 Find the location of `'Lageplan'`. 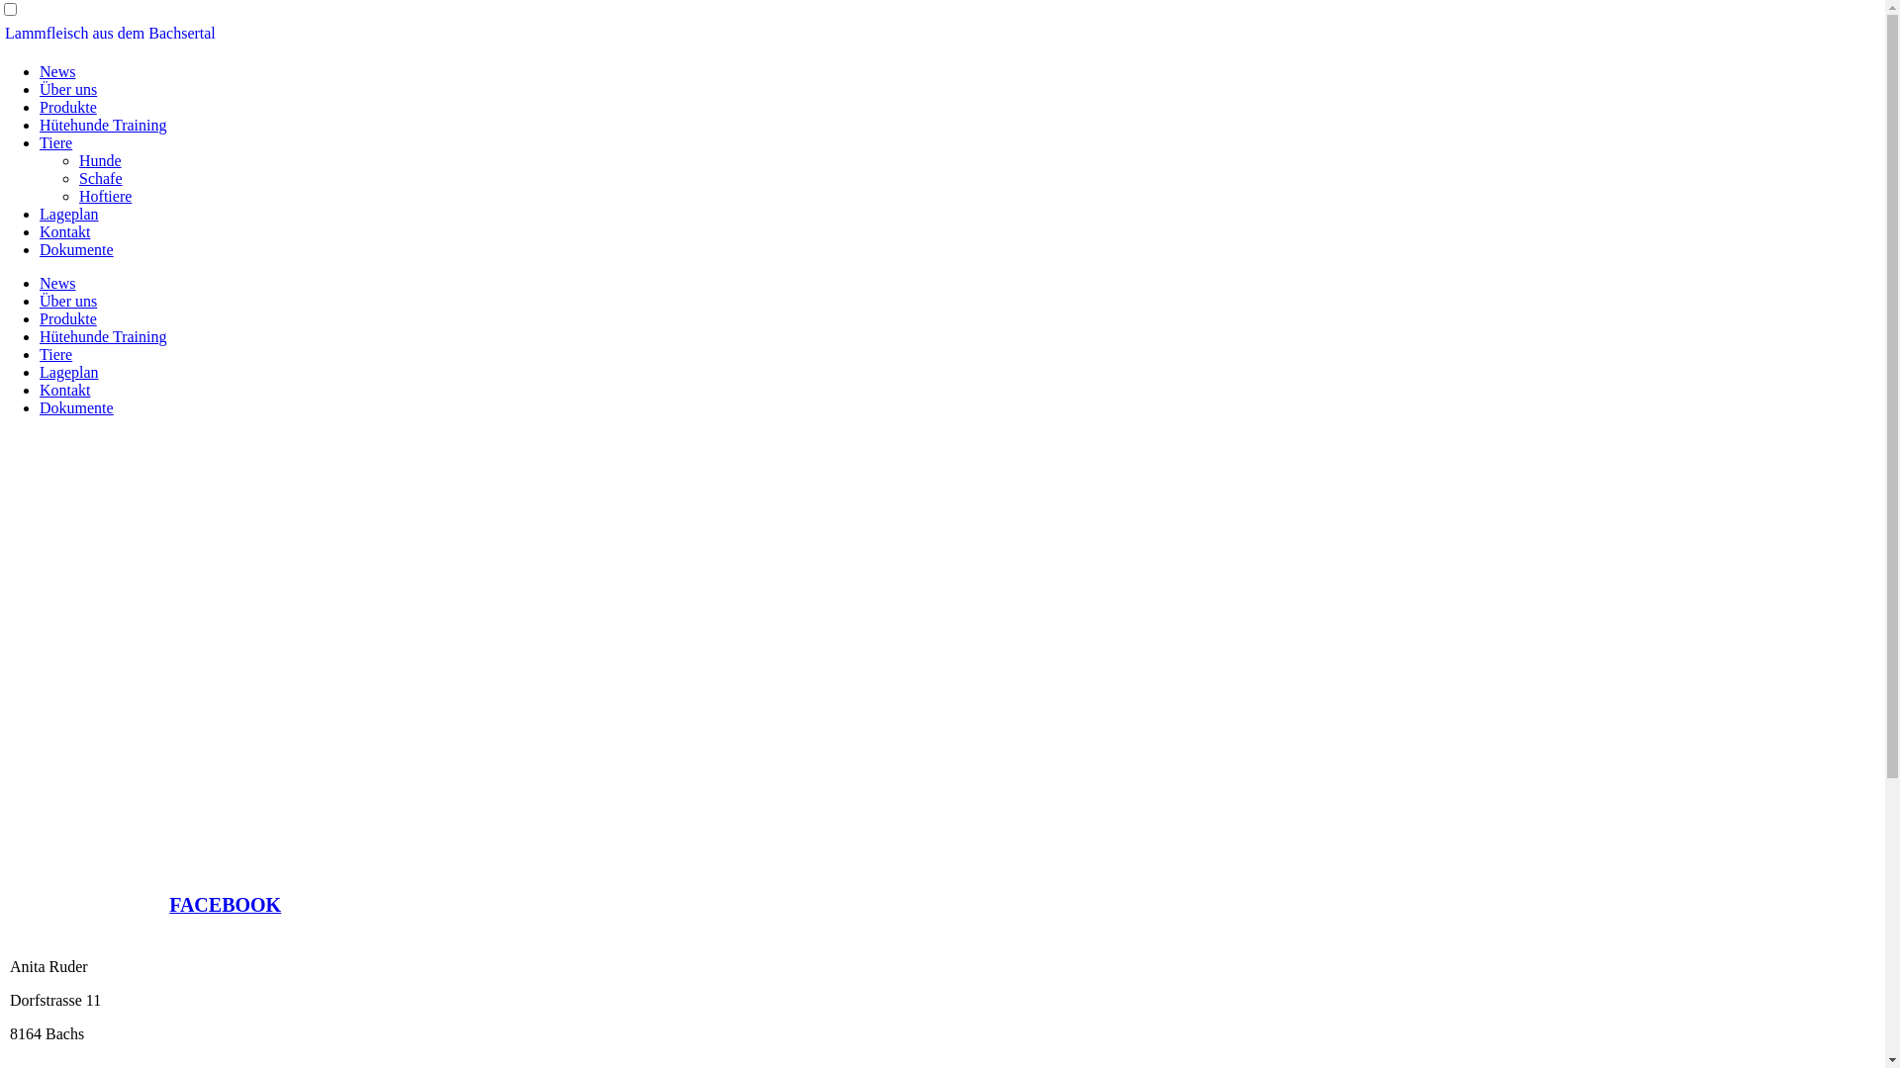

'Lageplan' is located at coordinates (69, 372).